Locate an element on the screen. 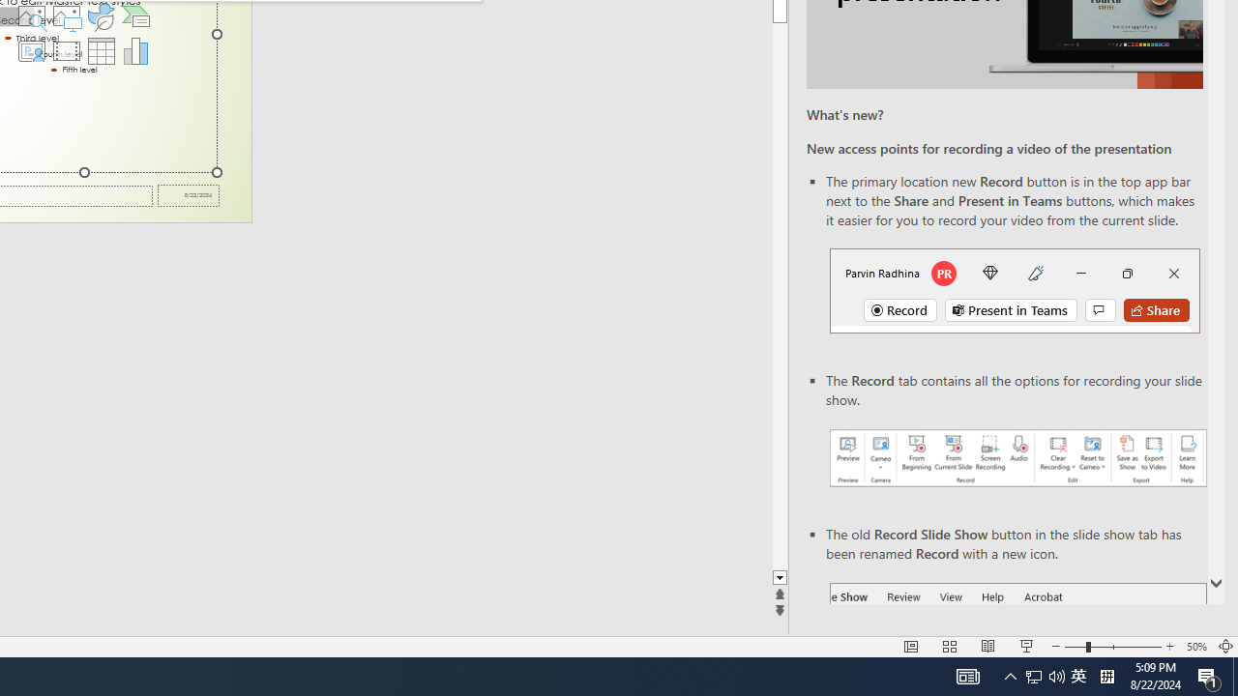 Image resolution: width=1238 pixels, height=696 pixels. 'Insert Chart' is located at coordinates (135, 49).